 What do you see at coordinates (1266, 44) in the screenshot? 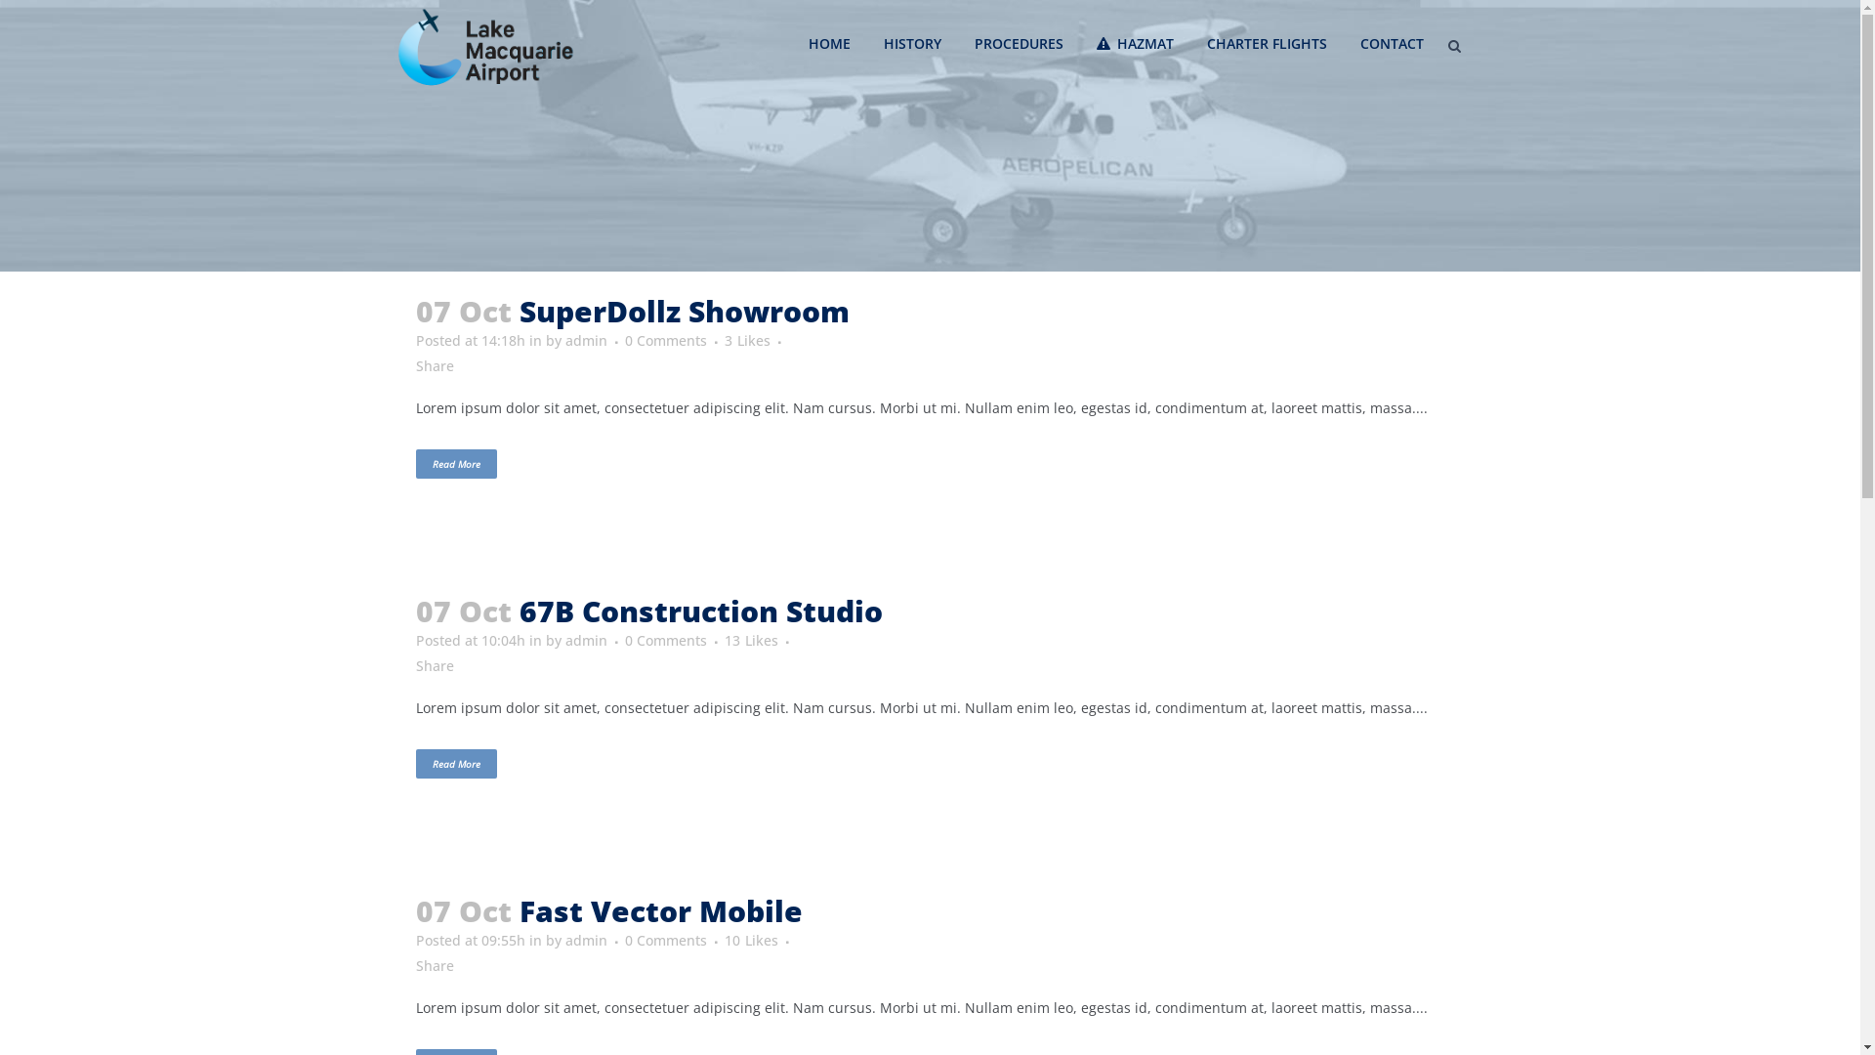
I see `'CHARTER FLIGHTS'` at bounding box center [1266, 44].